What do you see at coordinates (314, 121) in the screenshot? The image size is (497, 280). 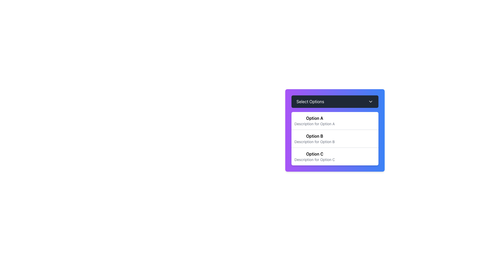 I see `the dropdown entry representing 'Option A' in the list of choices under the header 'Select Options'` at bounding box center [314, 121].